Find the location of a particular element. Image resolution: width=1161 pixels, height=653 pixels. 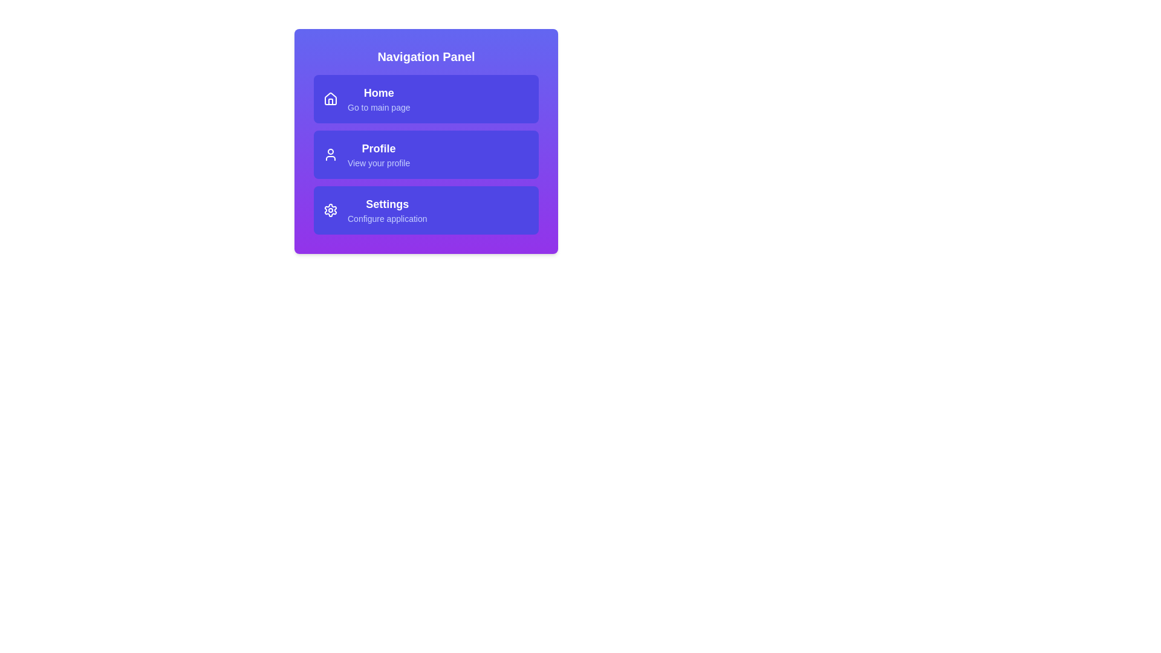

the navigation item Home is located at coordinates (426, 99).